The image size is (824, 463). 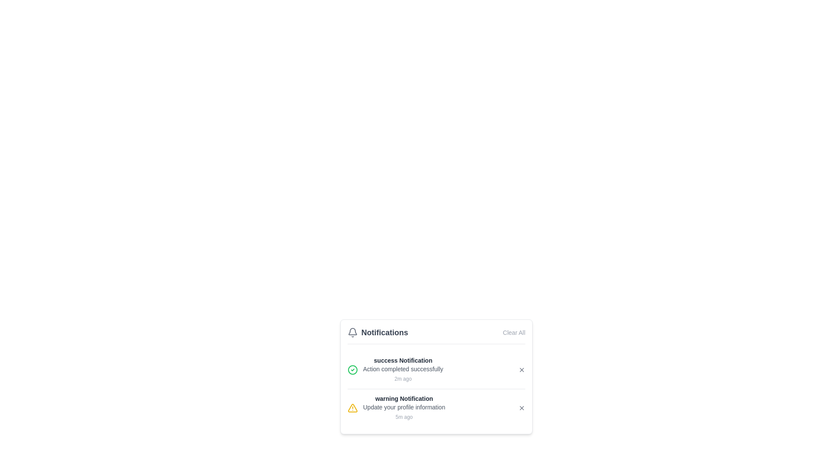 What do you see at coordinates (384, 332) in the screenshot?
I see `the text label displaying 'Notifications' in bold dark gray font located in the header of the notification panel` at bounding box center [384, 332].